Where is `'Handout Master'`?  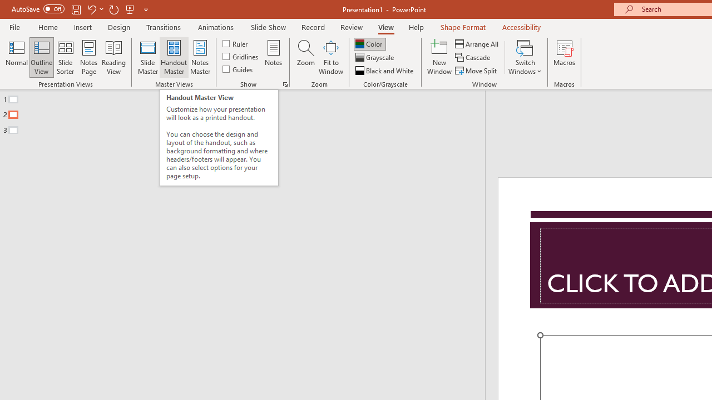 'Handout Master' is located at coordinates (173, 57).